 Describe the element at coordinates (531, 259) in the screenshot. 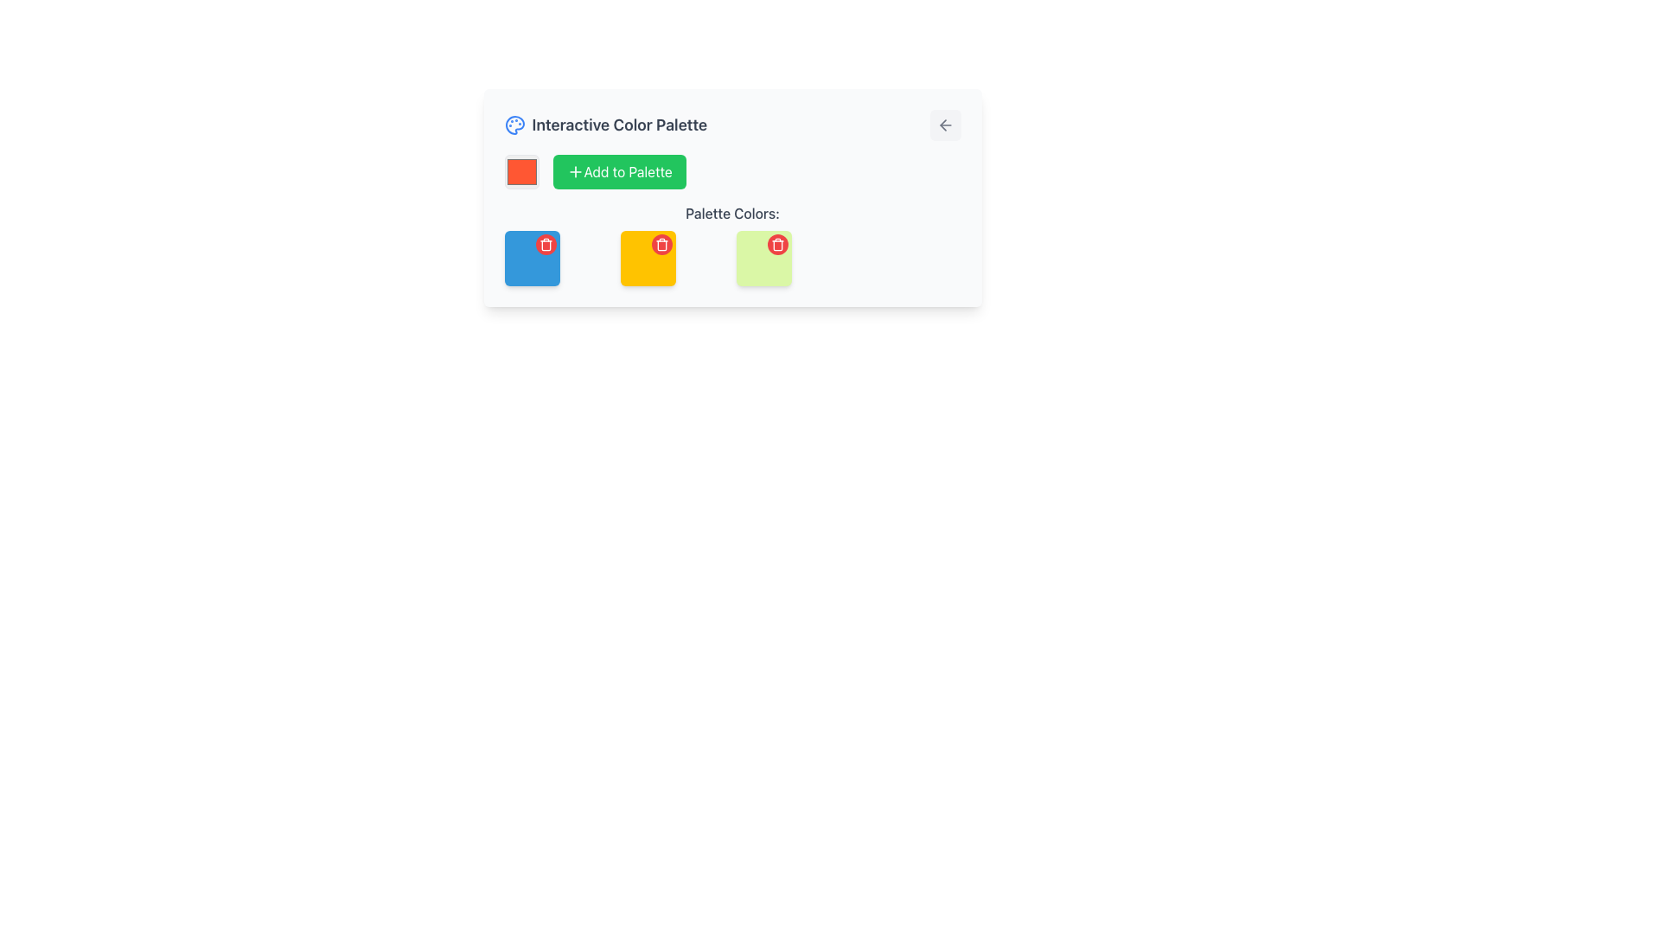

I see `the interactive delete button on the selectable color tile located in the second row, leftmost column of the palette grid` at that location.